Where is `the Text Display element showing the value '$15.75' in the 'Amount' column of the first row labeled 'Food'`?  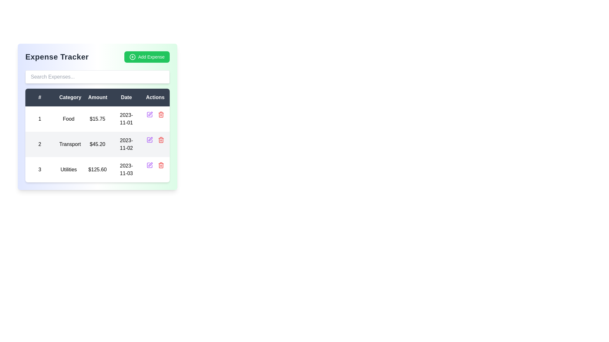 the Text Display element showing the value '$15.75' in the 'Amount' column of the first row labeled 'Food' is located at coordinates (97, 119).